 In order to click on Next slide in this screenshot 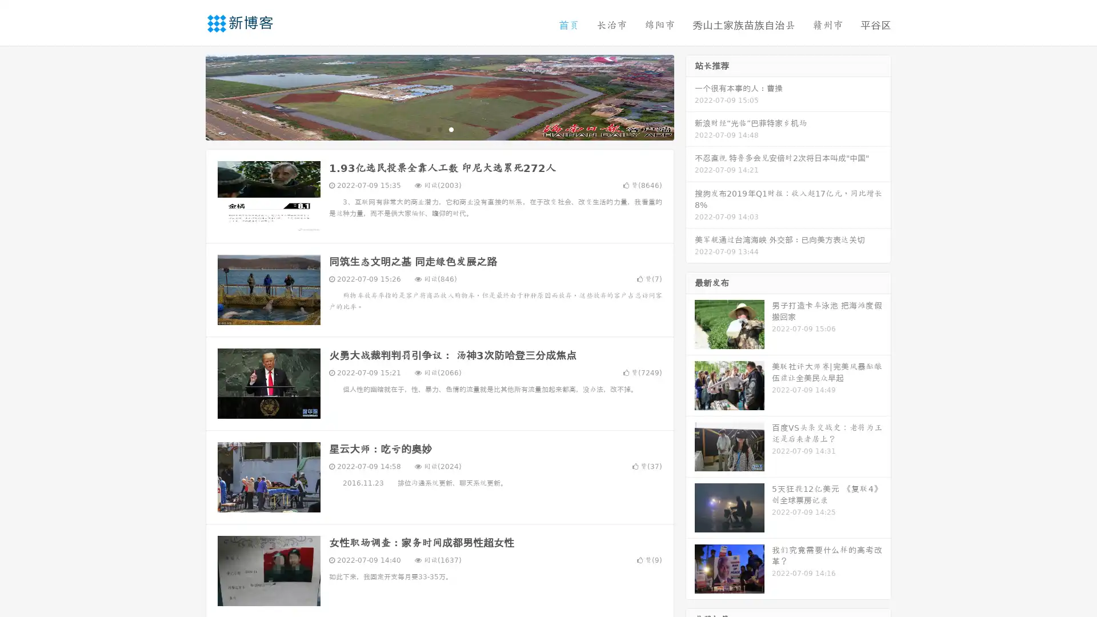, I will do `click(690, 96)`.